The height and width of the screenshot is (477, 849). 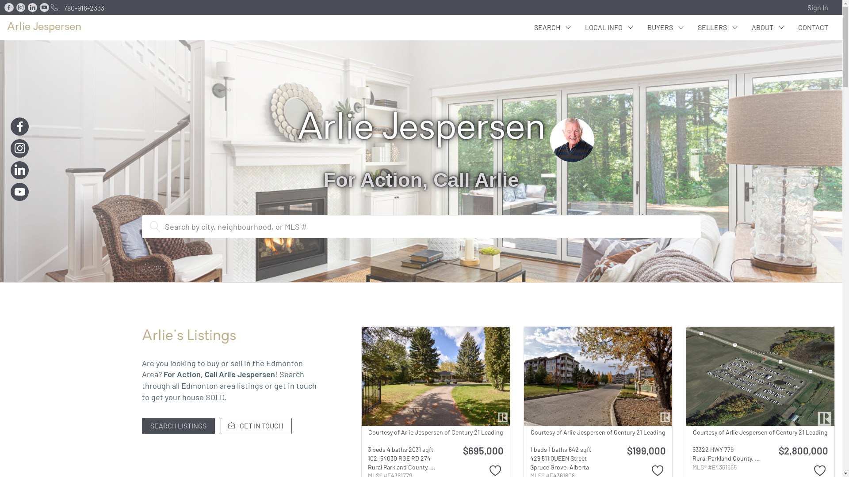 What do you see at coordinates (819, 7) in the screenshot?
I see `'Sign In'` at bounding box center [819, 7].